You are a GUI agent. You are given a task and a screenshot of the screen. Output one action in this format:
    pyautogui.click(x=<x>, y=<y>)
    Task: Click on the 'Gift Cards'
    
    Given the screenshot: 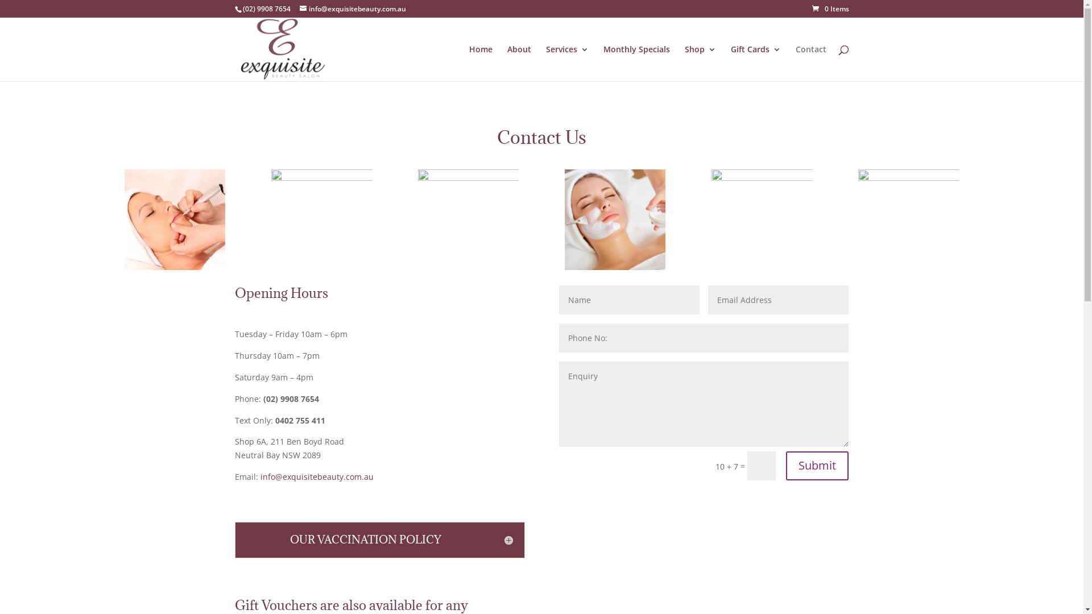 What is the action you would take?
    pyautogui.click(x=755, y=63)
    